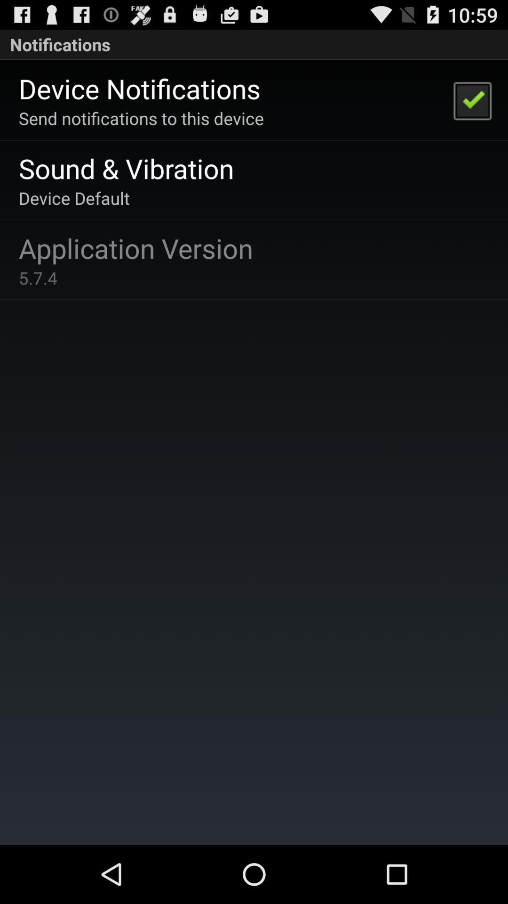  Describe the element at coordinates (472, 100) in the screenshot. I see `the item next to send notifications to app` at that location.